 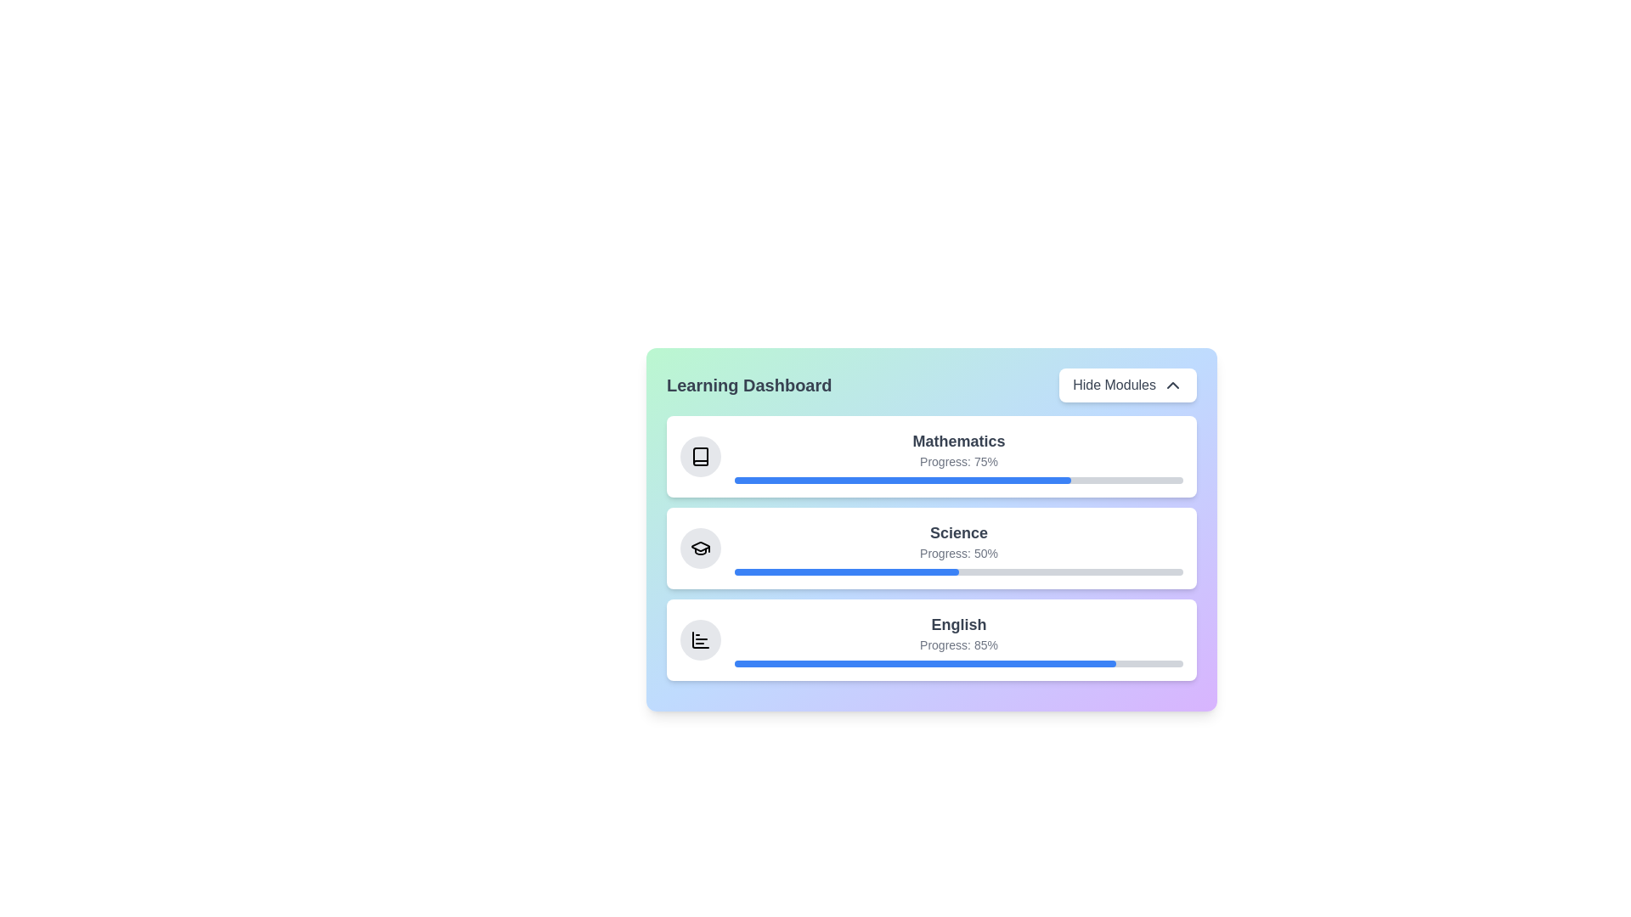 What do you see at coordinates (931, 455) in the screenshot?
I see `the module titled Mathematics to open its details` at bounding box center [931, 455].